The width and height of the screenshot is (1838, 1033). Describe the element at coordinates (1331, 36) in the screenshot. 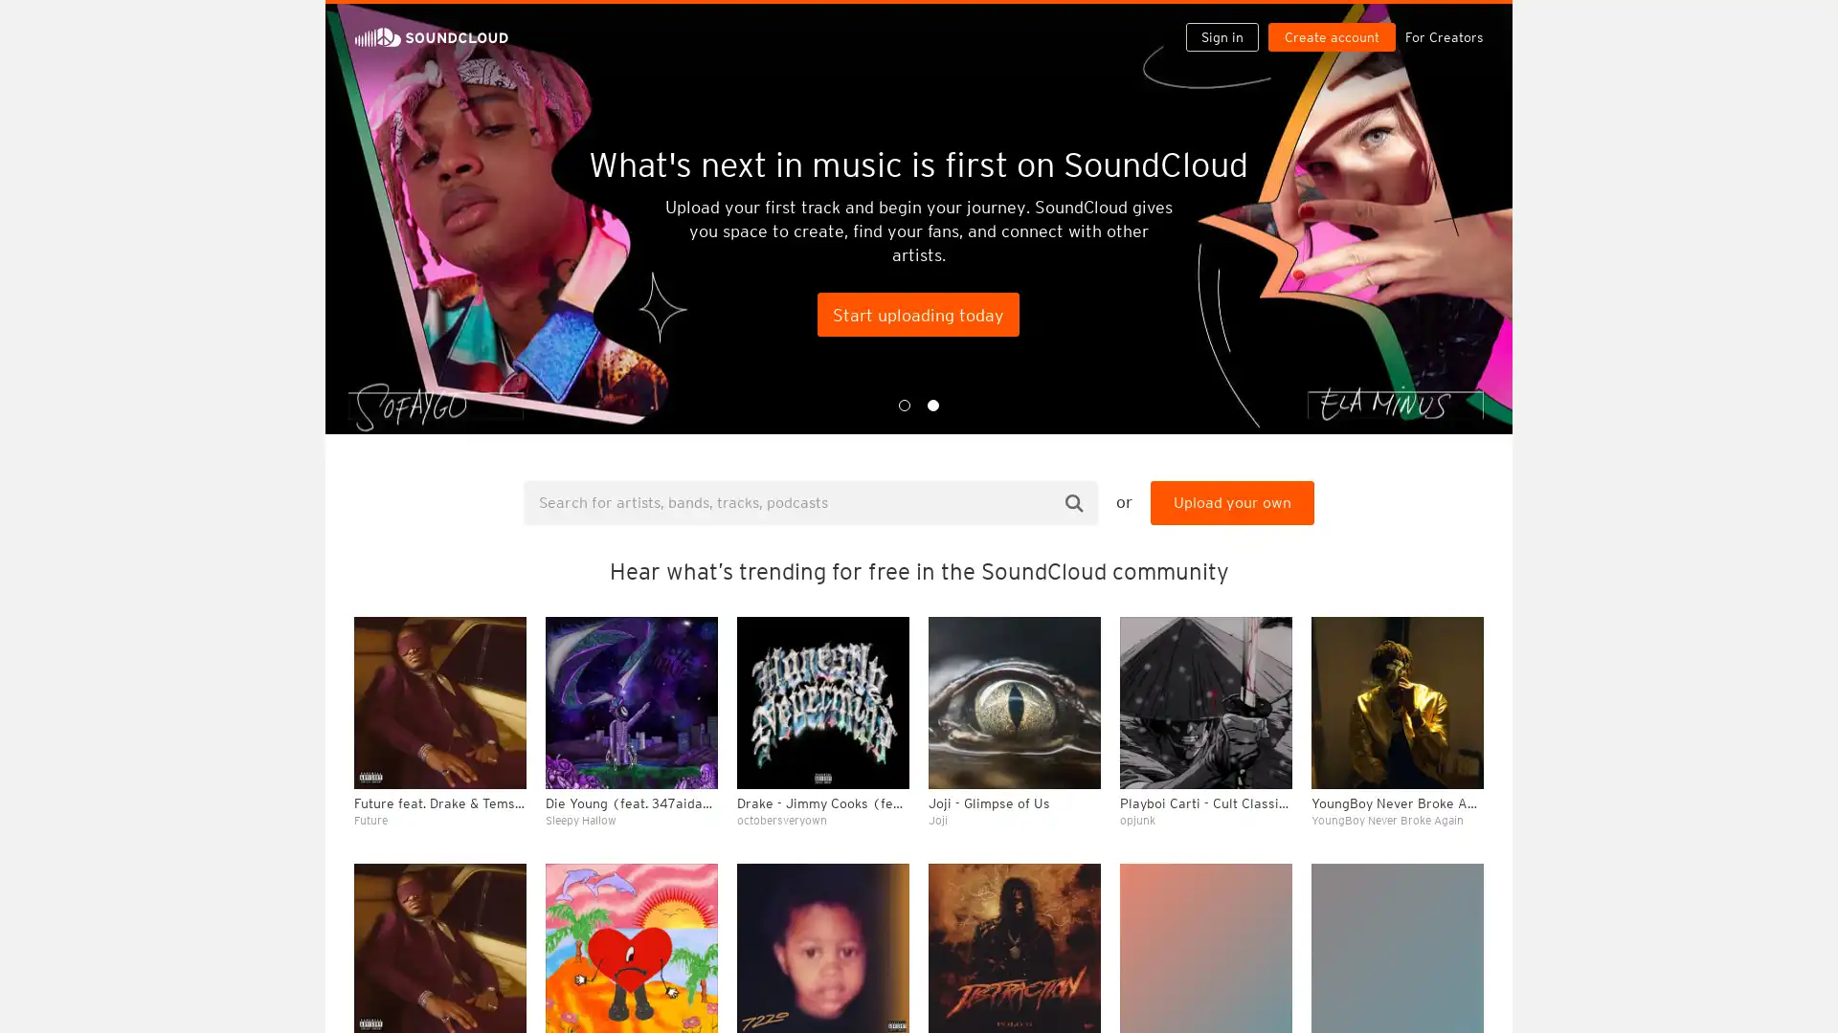

I see `Create a SoundCloud account` at that location.